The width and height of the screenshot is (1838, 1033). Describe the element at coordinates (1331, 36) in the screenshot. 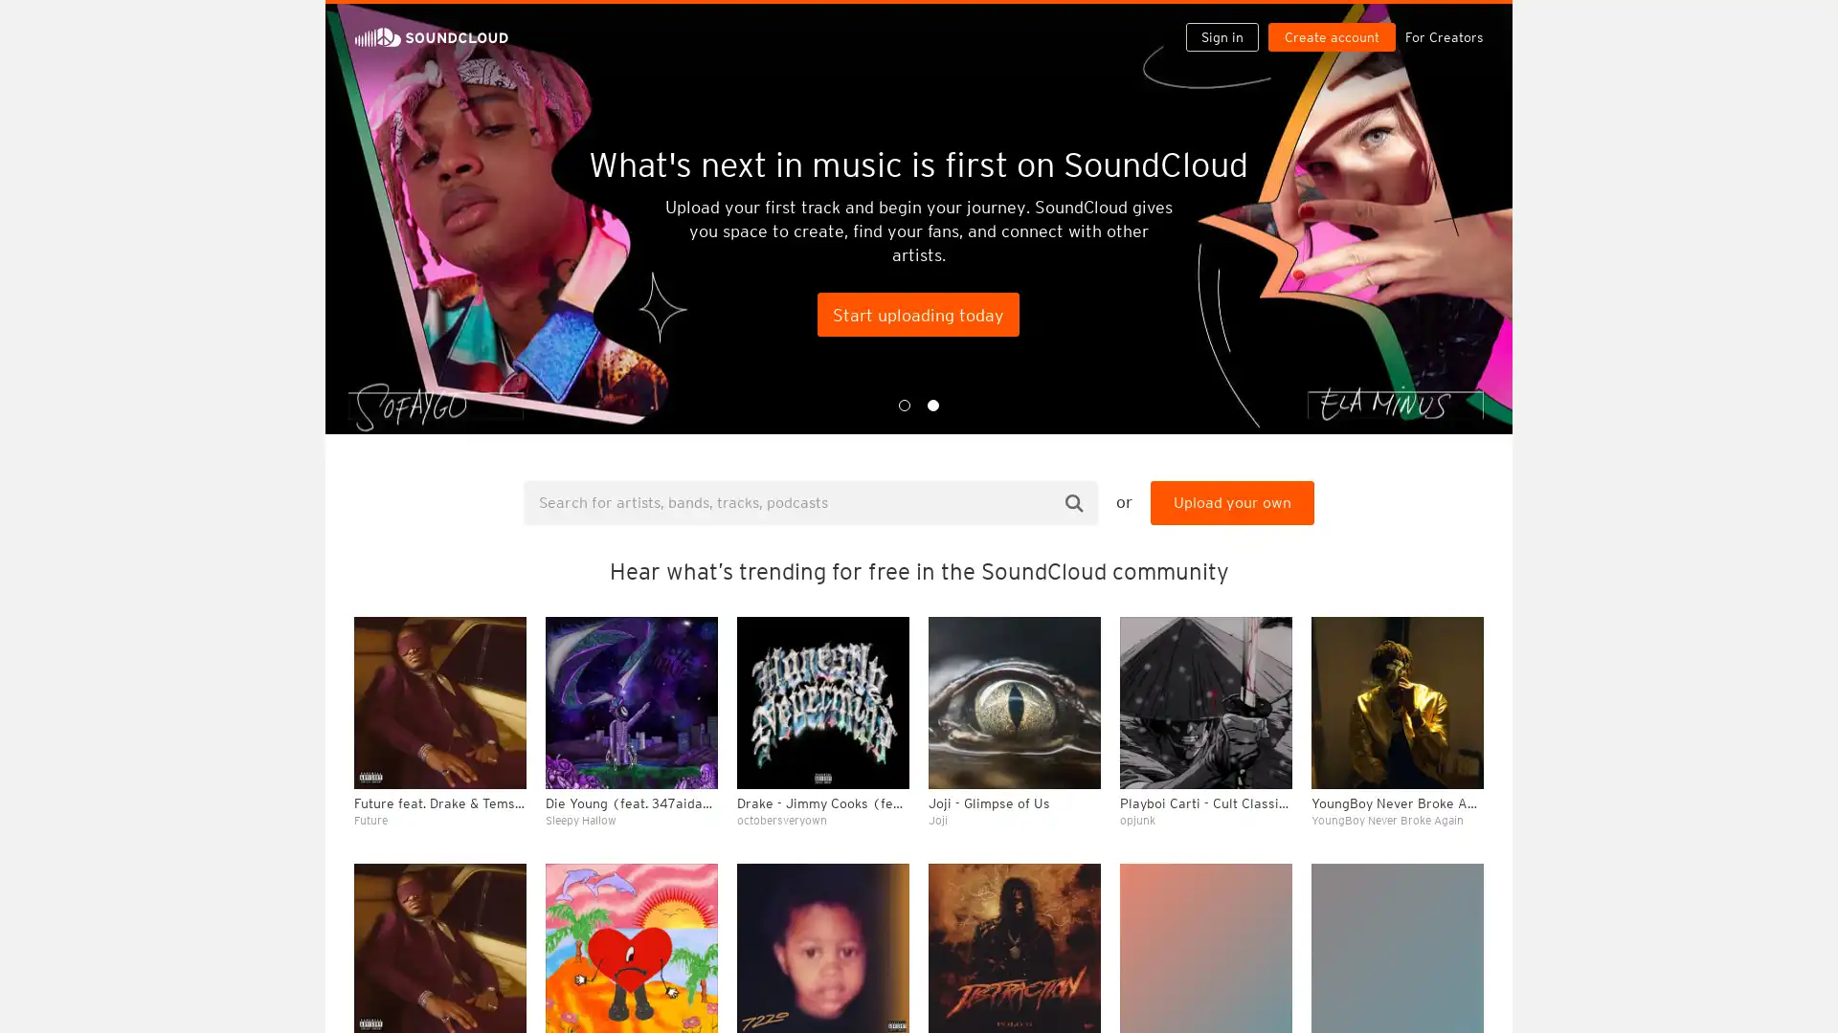

I see `Create a SoundCloud account` at that location.